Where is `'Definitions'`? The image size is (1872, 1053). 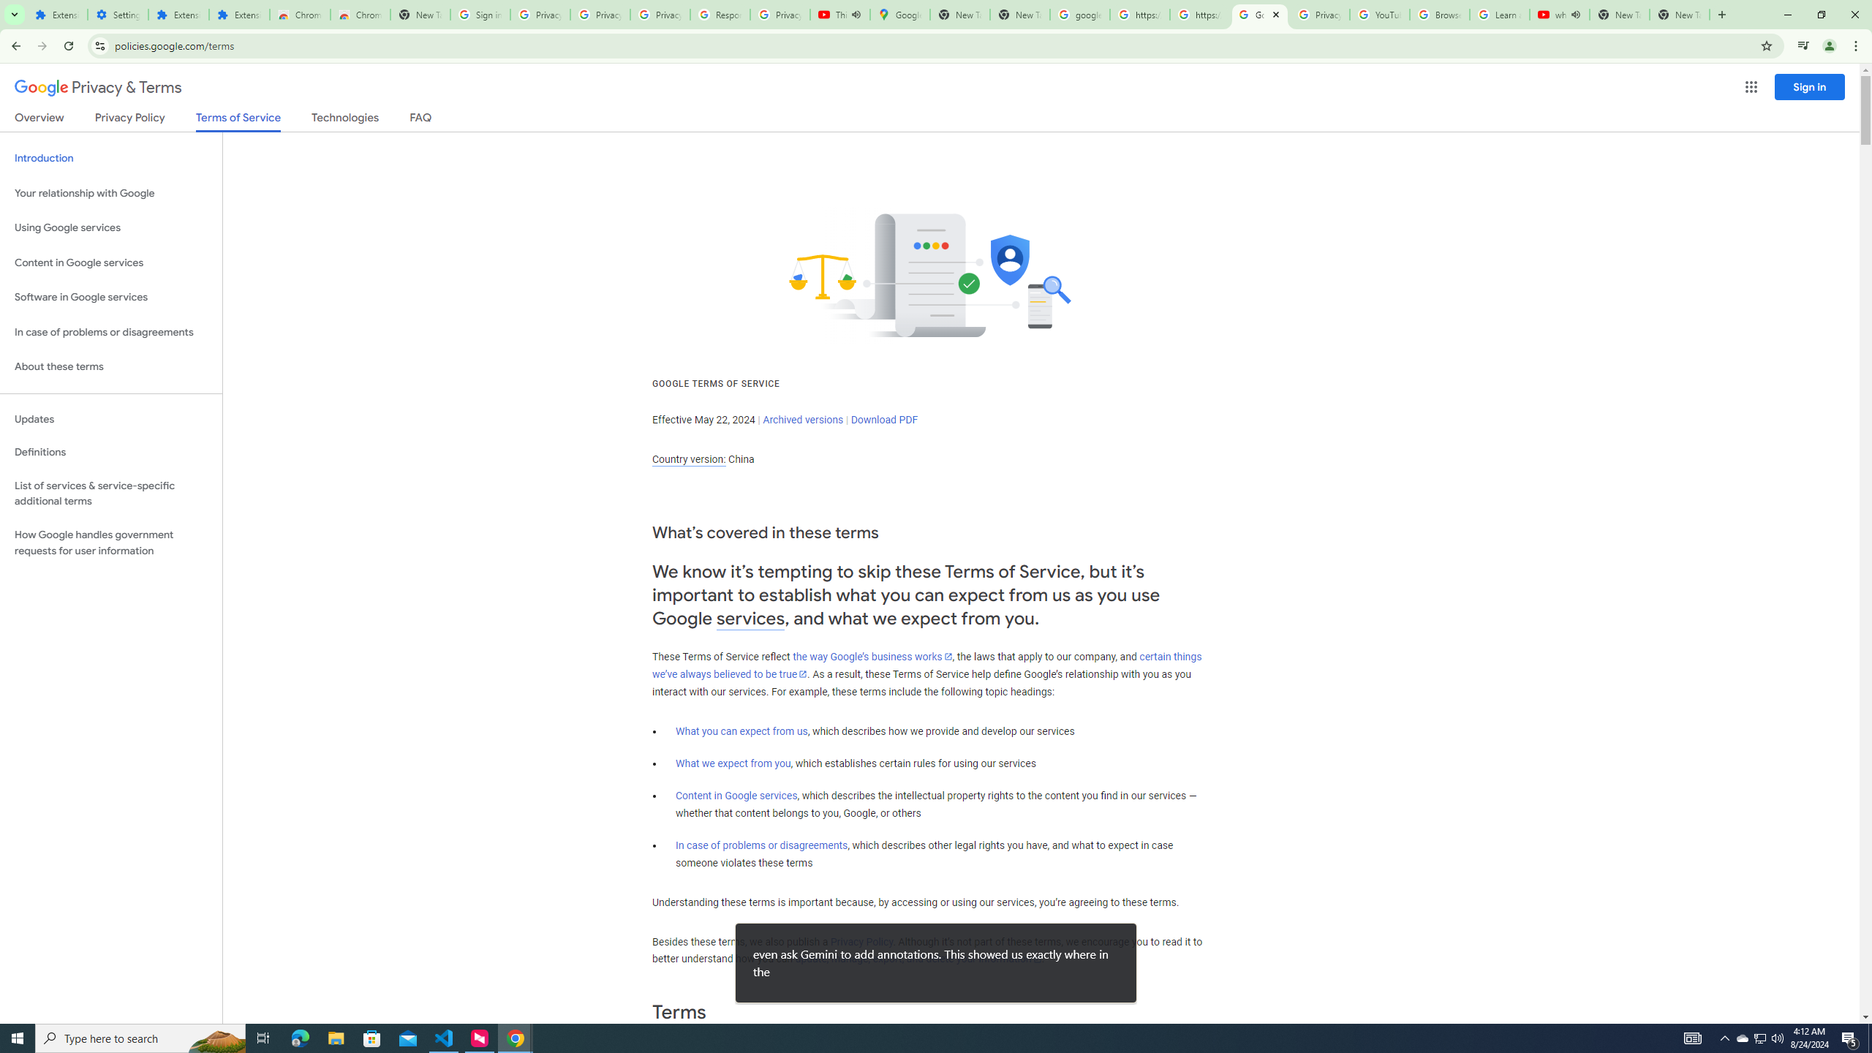
'Definitions' is located at coordinates (110, 452).